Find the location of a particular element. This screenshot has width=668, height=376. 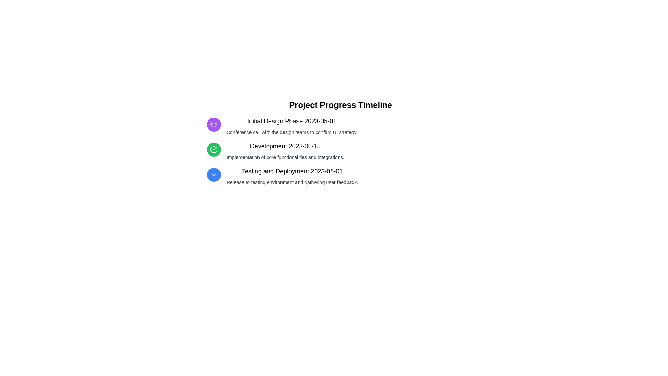

the List Item with Icon and Text that includes the title 'Testing and Deployment 2023-08-01' and a blue circle icon on the left, located at the bottom of the list is located at coordinates (341, 175).